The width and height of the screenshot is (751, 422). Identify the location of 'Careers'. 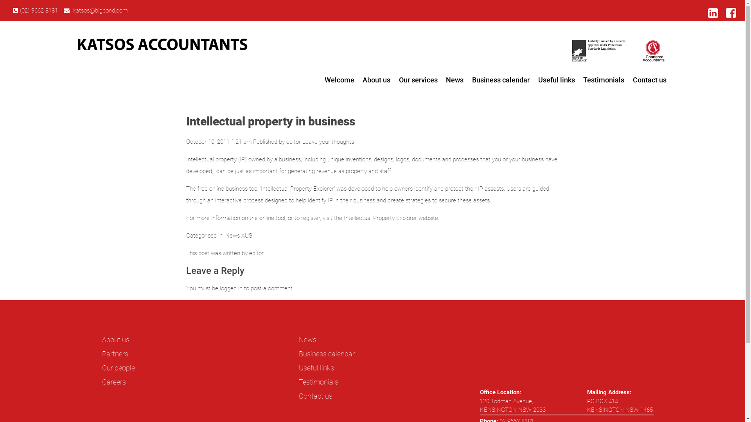
(113, 381).